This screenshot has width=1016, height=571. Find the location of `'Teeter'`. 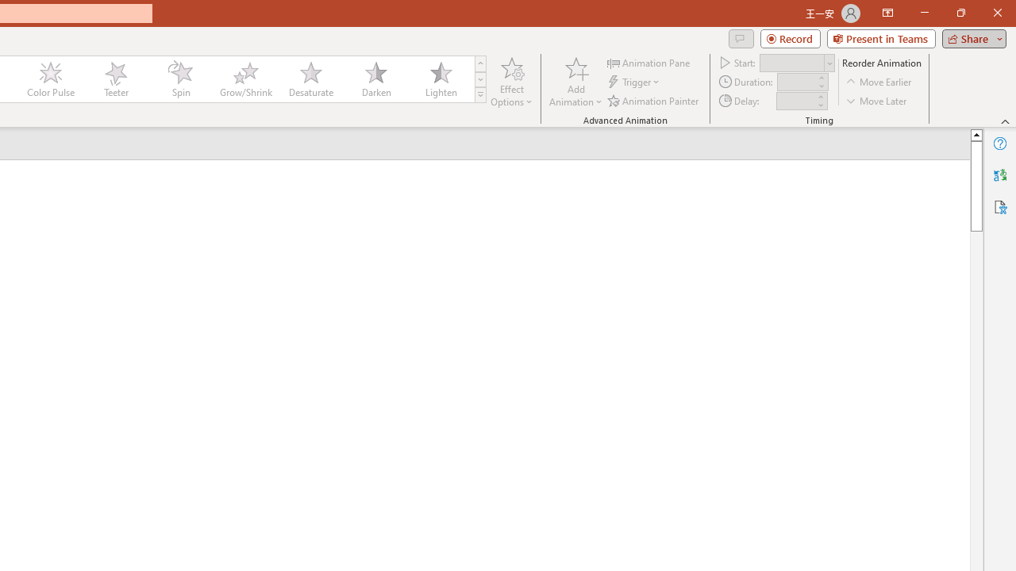

'Teeter' is located at coordinates (114, 79).